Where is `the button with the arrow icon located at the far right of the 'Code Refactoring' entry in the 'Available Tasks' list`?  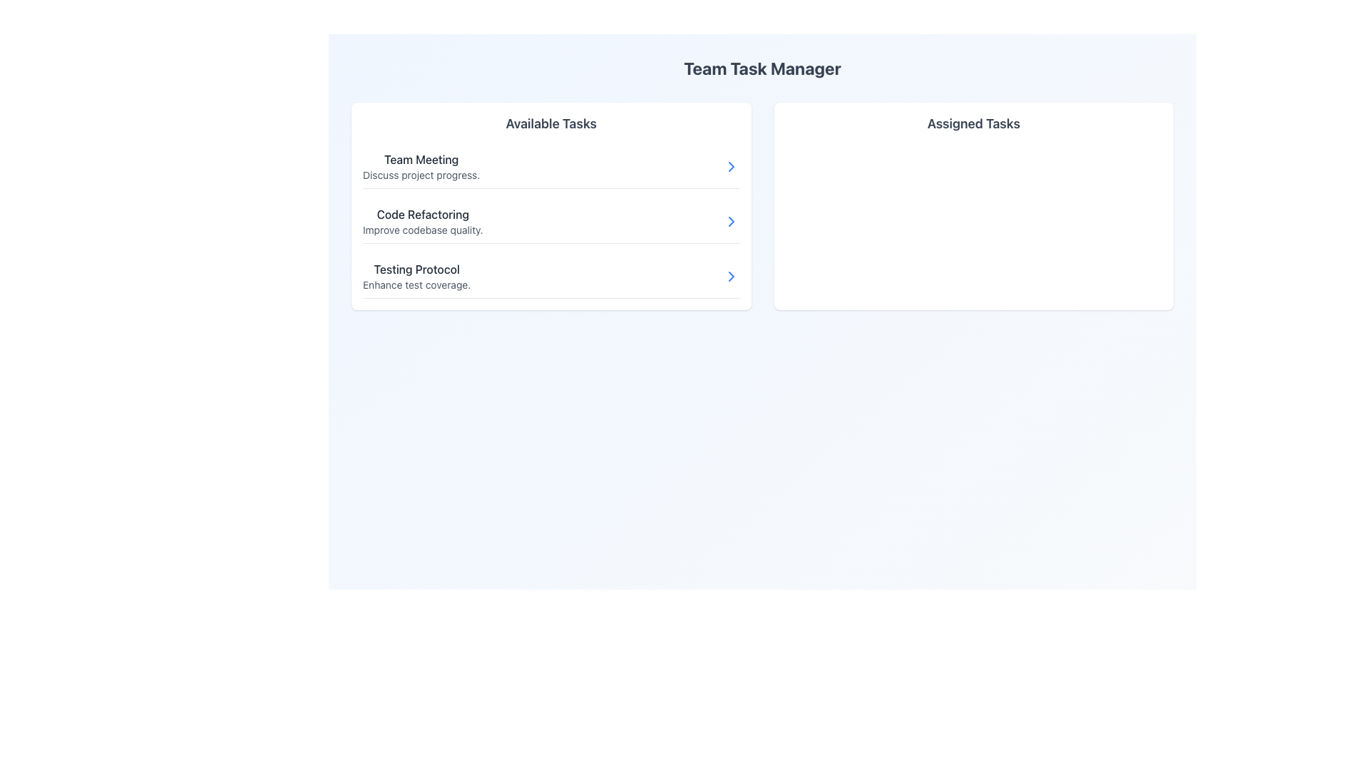 the button with the arrow icon located at the far right of the 'Code Refactoring' entry in the 'Available Tasks' list is located at coordinates (731, 222).